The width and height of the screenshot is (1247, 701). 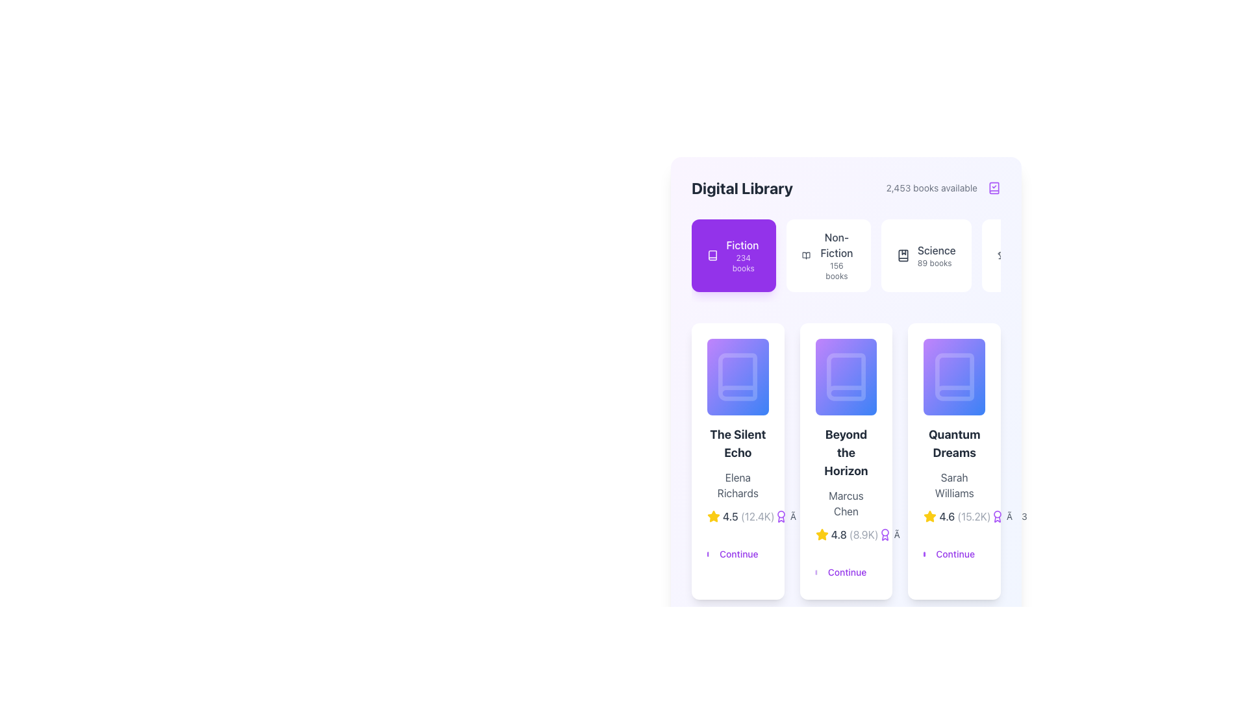 What do you see at coordinates (742, 188) in the screenshot?
I see `on the bold text element displaying 'Digital Library' located in the top-left portion of the header section of the library interface` at bounding box center [742, 188].